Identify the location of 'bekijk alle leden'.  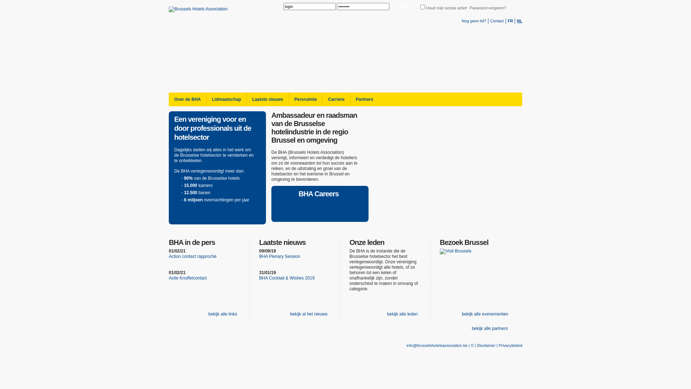
(401, 314).